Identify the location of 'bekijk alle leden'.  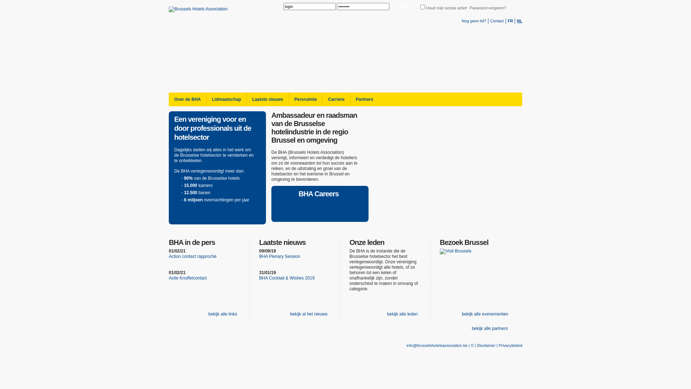
(401, 314).